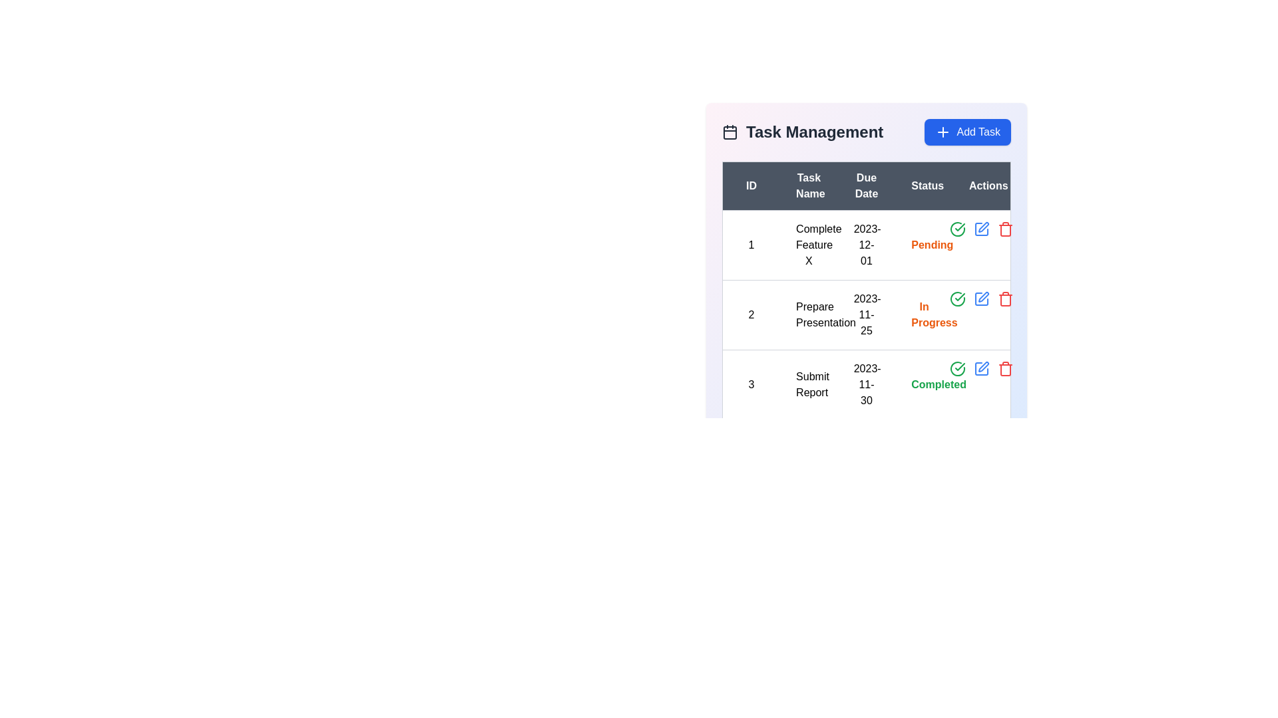  I want to click on the 'Due Date' table header cell, which is the third header cell in the table's header row, styled with a dark background and containing white text, so click(866, 186).